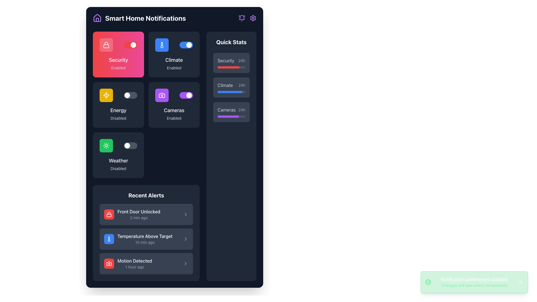  What do you see at coordinates (185, 263) in the screenshot?
I see `the chevron icon pointing to the right, which is styled with thin lines and a medium gray color, located within the dark background rectangle of the 'Motion Detected' card` at bounding box center [185, 263].